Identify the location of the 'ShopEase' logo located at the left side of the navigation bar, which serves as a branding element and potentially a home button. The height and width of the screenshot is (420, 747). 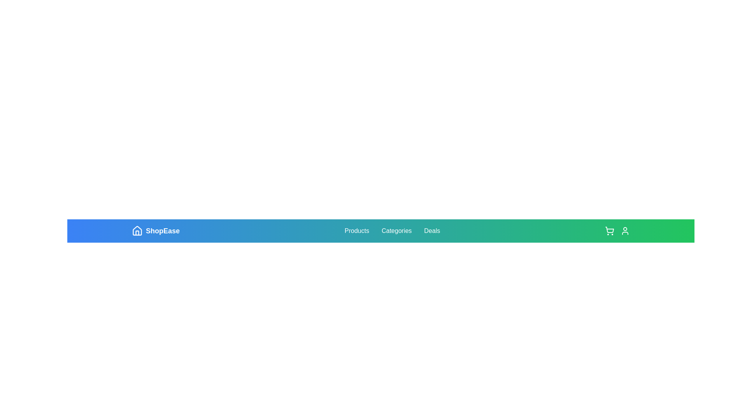
(156, 231).